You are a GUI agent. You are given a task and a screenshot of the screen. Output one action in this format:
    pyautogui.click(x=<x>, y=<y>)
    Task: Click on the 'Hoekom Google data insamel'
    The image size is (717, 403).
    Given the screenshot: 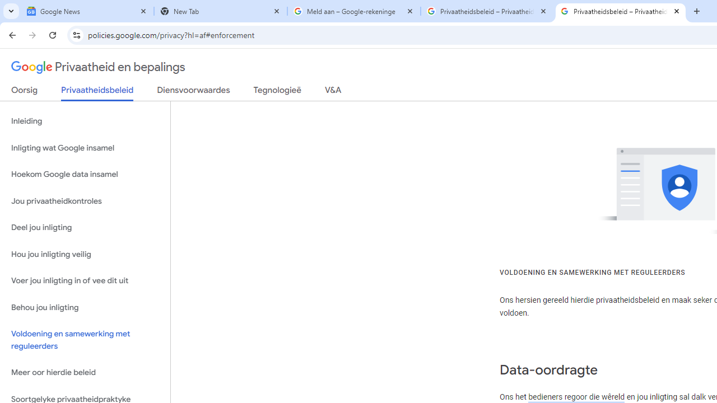 What is the action you would take?
    pyautogui.click(x=85, y=175)
    